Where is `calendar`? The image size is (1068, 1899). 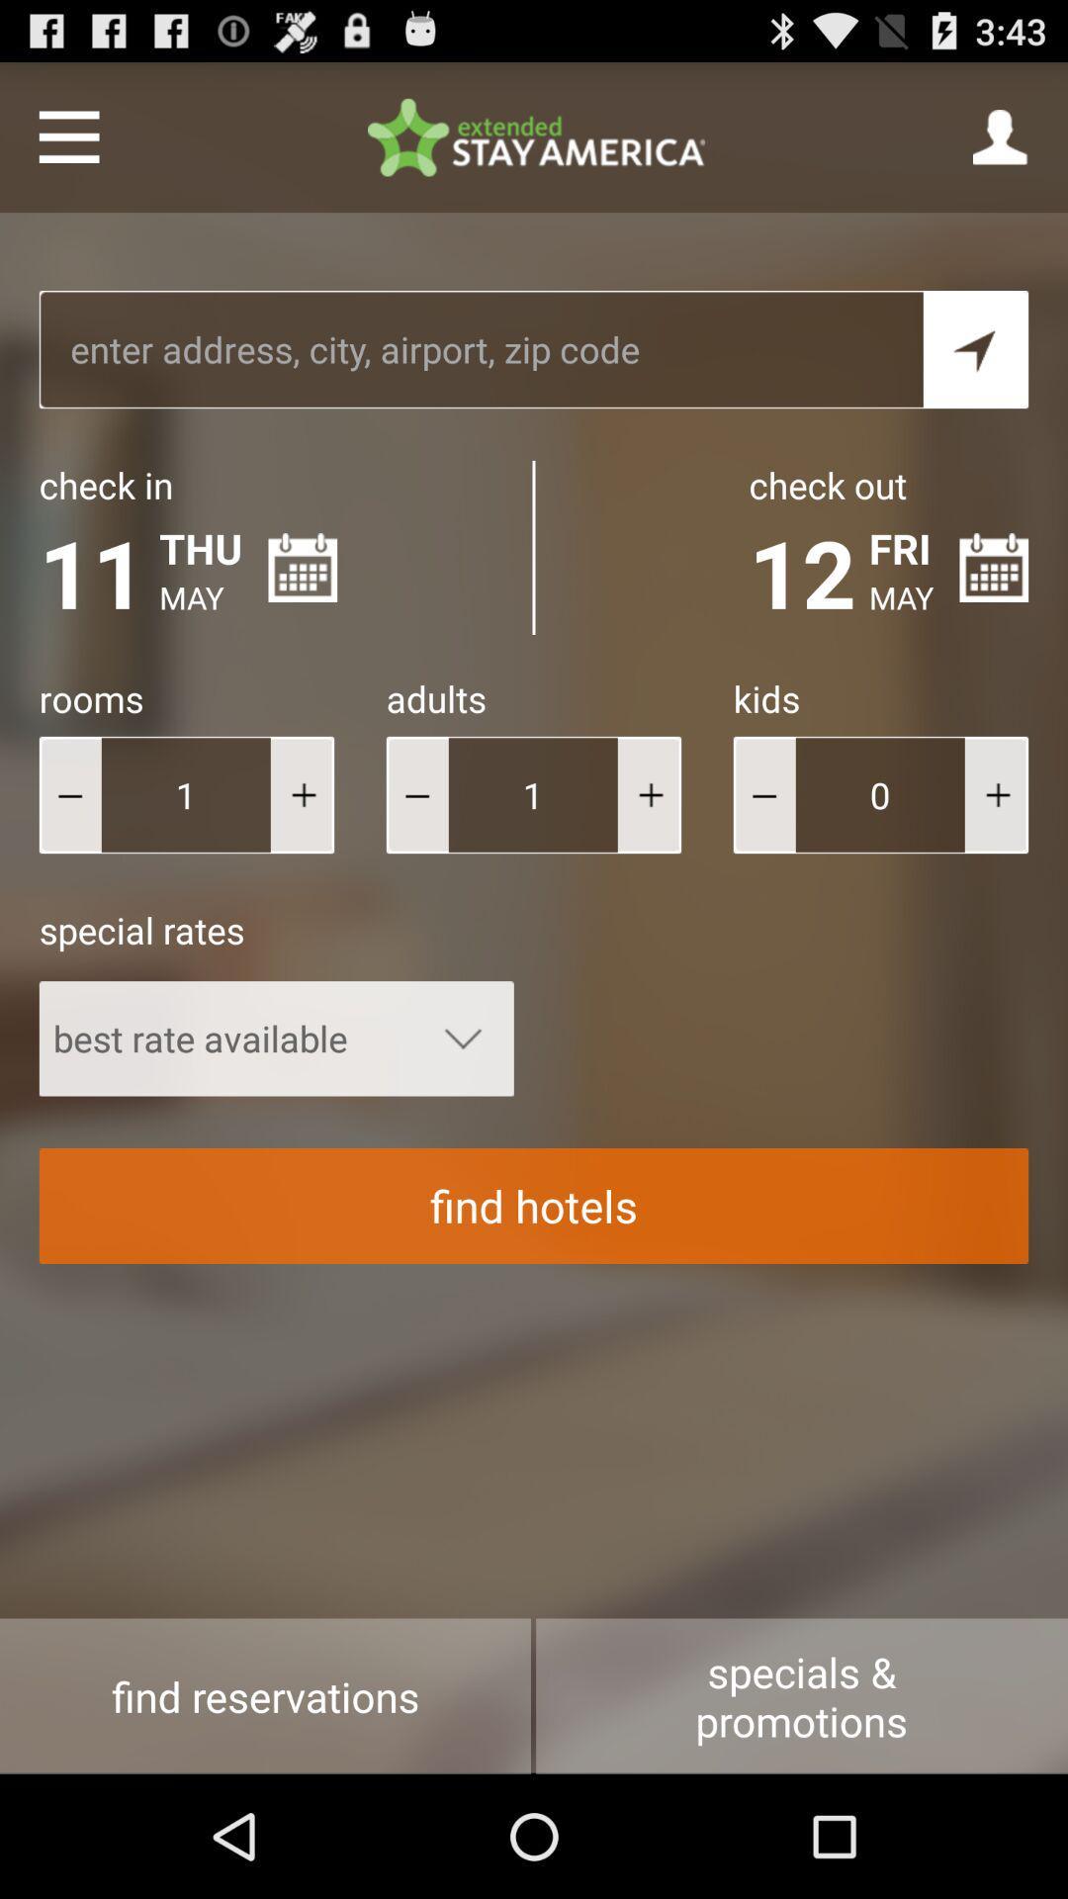
calendar is located at coordinates (303, 567).